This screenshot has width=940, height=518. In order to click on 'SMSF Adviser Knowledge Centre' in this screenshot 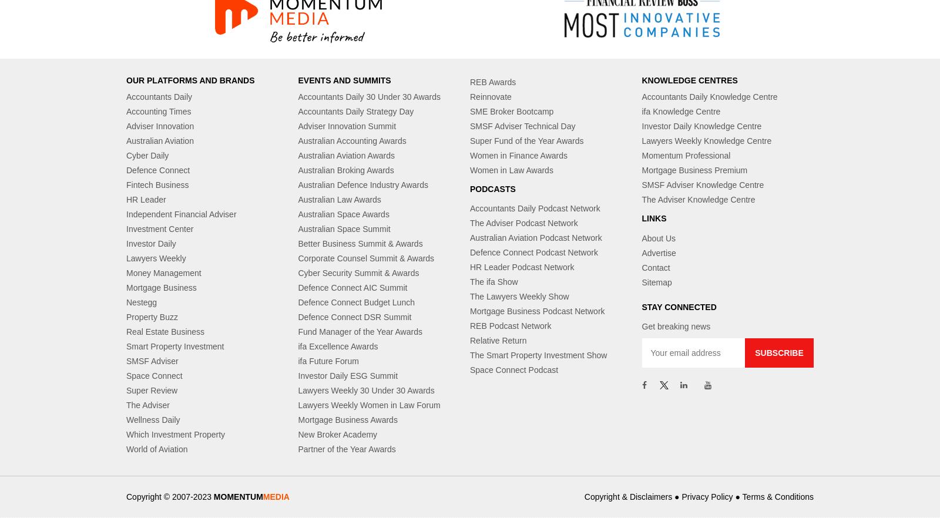, I will do `click(703, 184)`.